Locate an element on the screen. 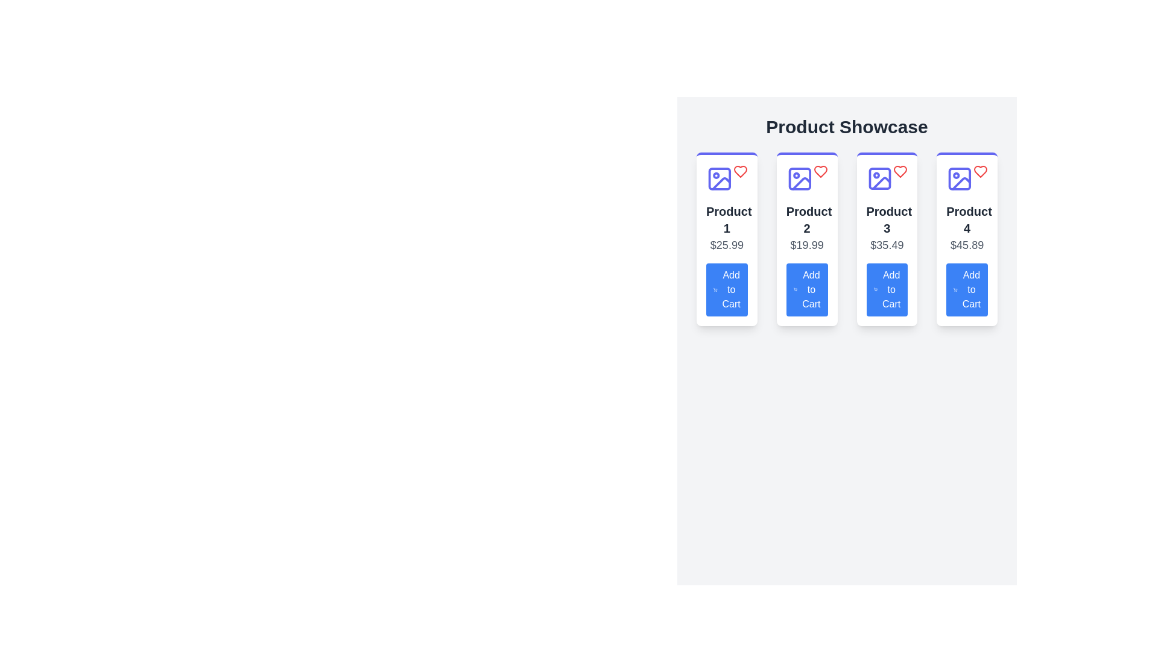 This screenshot has height=651, width=1158. the price display text label located in the first product card below 'Product 1' and above the 'Add to Cart' button is located at coordinates (726, 245).